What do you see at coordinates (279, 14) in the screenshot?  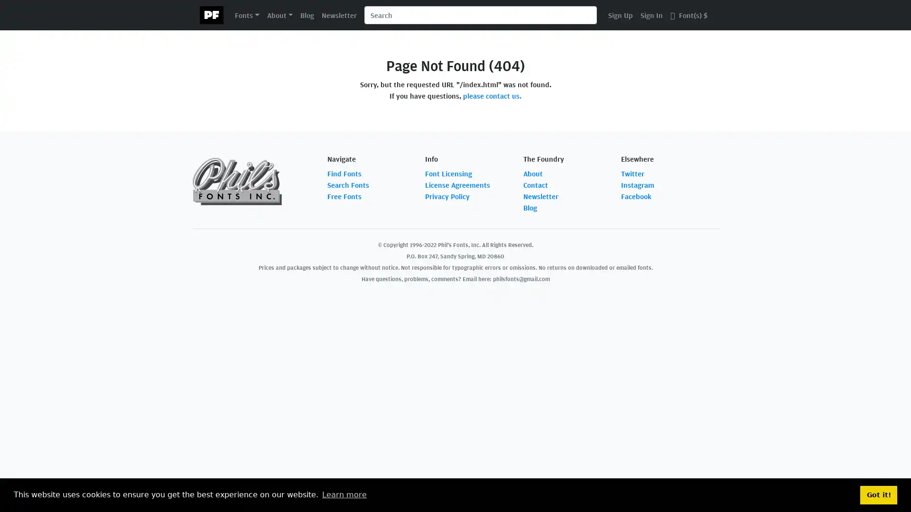 I see `About` at bounding box center [279, 14].